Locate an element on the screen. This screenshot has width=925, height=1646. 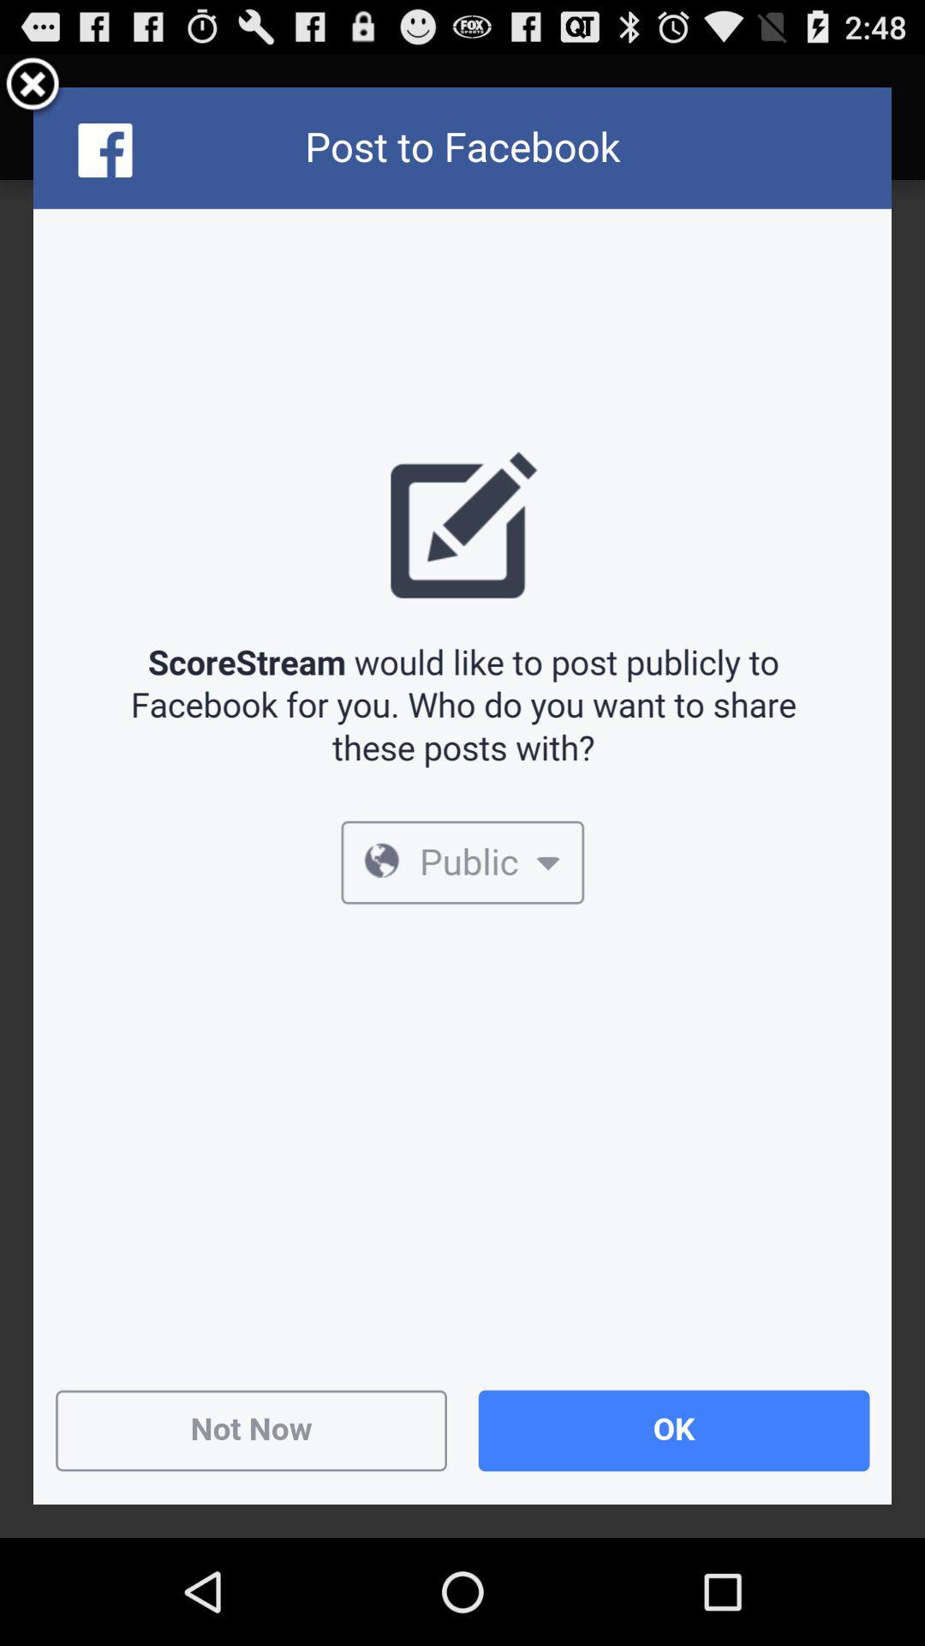
close is located at coordinates (33, 86).